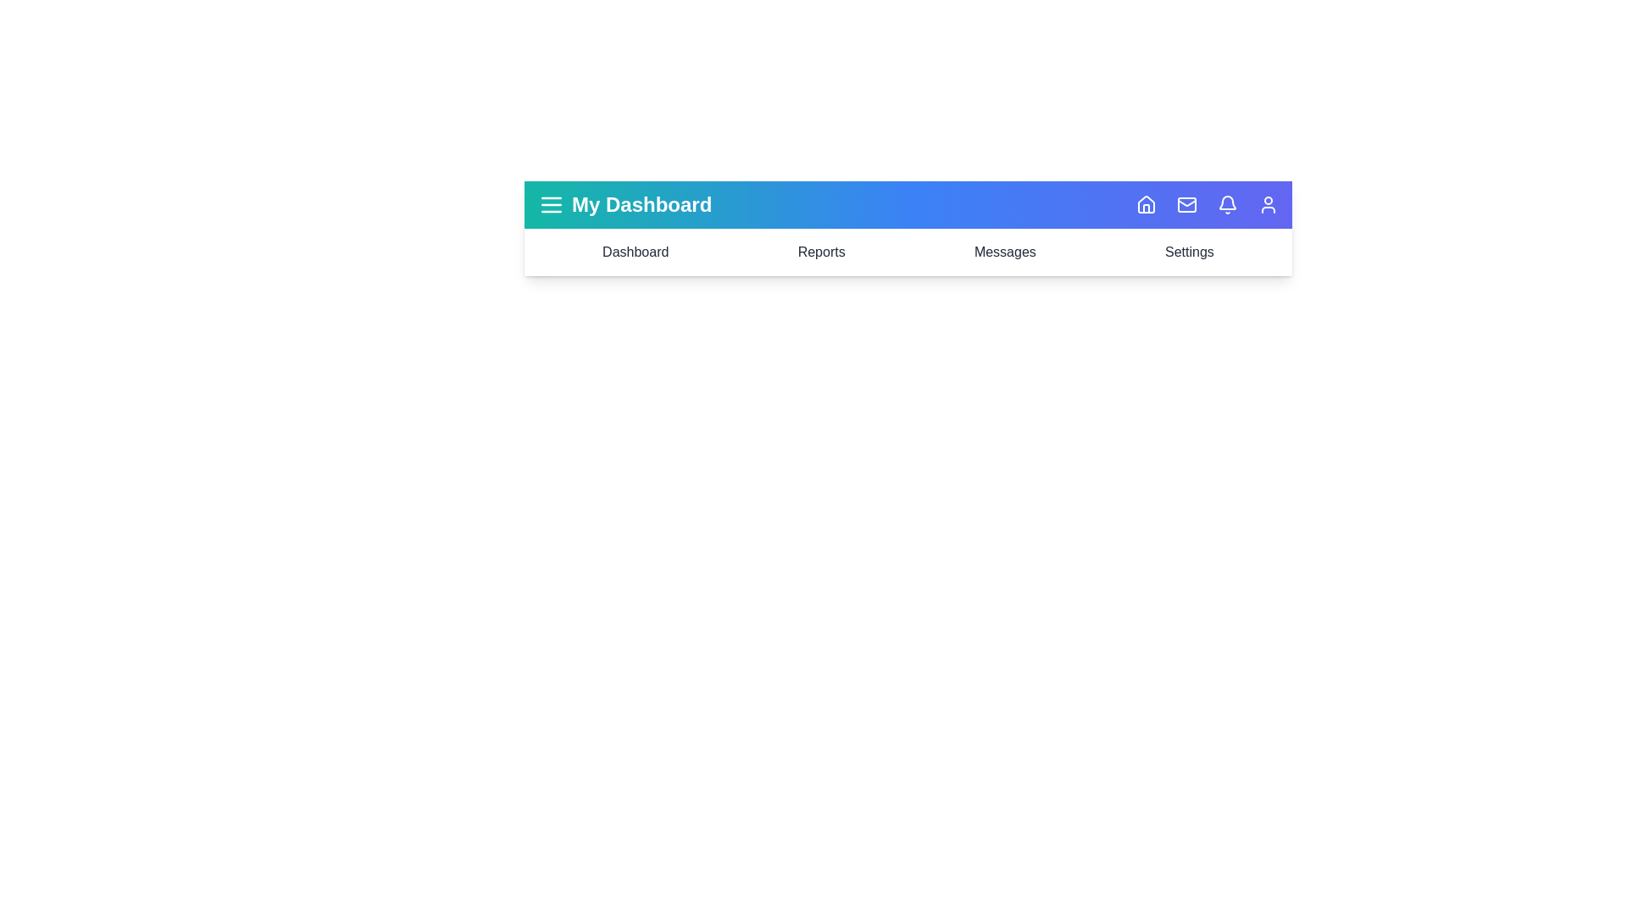 Image resolution: width=1627 pixels, height=915 pixels. What do you see at coordinates (1147, 204) in the screenshot?
I see `the home icon in the top bar` at bounding box center [1147, 204].